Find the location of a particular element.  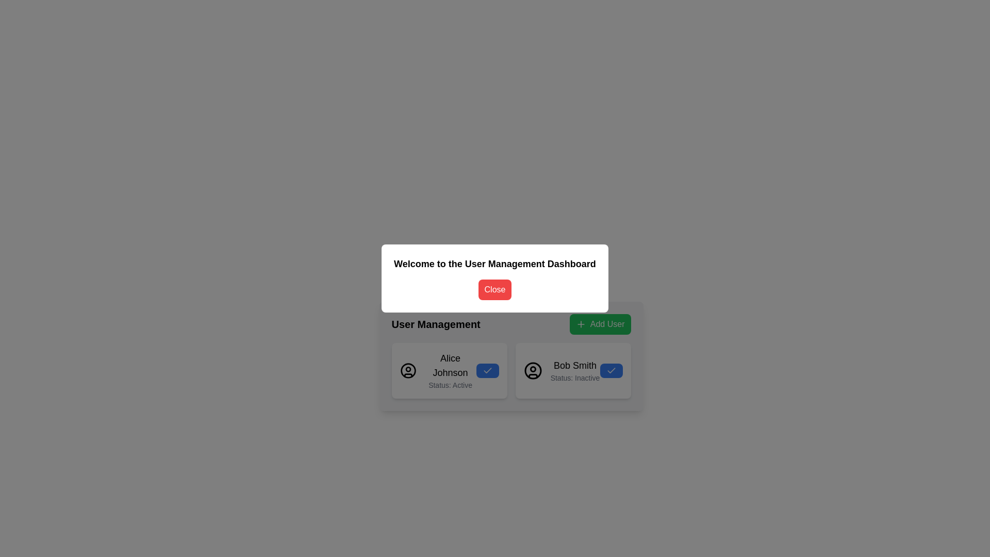

the text label displaying 'Bob Smith' and 'Status: Inactive', located in the second card under the 'User Management' section, positioned under the person silhouette icon and to the left of the blue checkmark button is located at coordinates (574, 370).